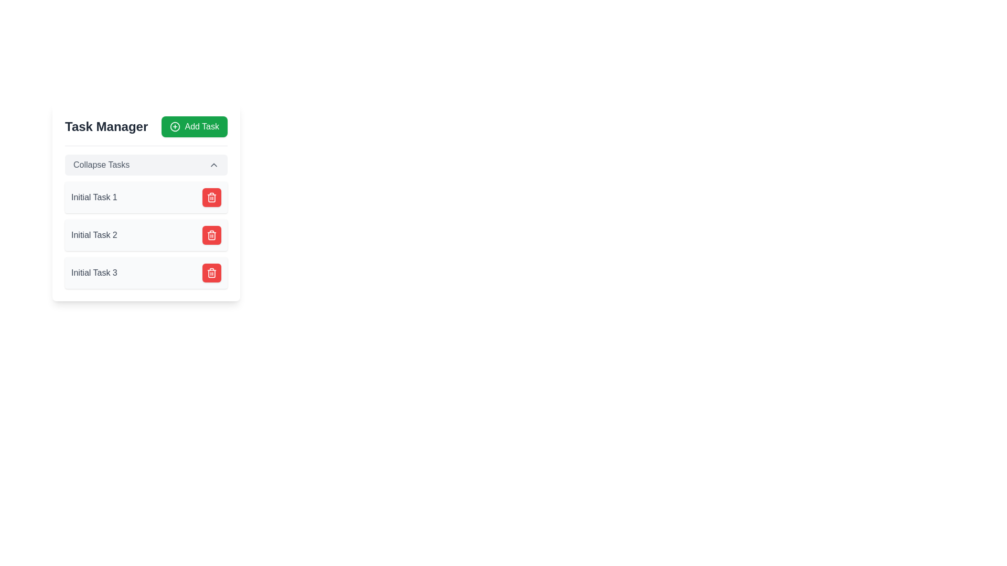 This screenshot has width=1007, height=566. Describe the element at coordinates (213, 165) in the screenshot. I see `the upward-pointing arrow icon located beside the text 'Collapse Tasks' to indicate interactivity` at that location.